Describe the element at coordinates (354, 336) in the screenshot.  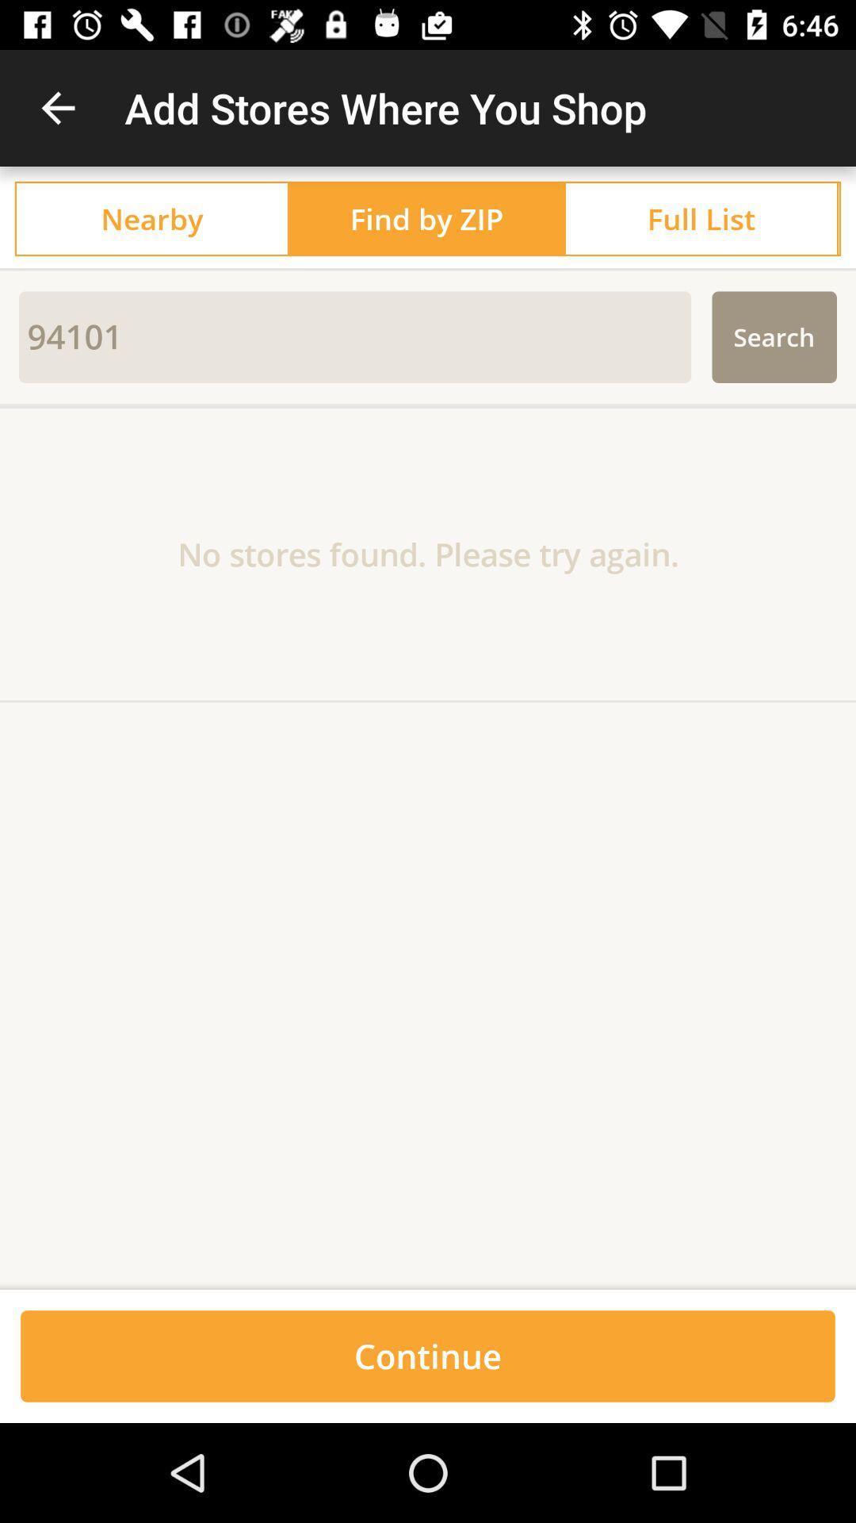
I see `icon to the left of the search item` at that location.